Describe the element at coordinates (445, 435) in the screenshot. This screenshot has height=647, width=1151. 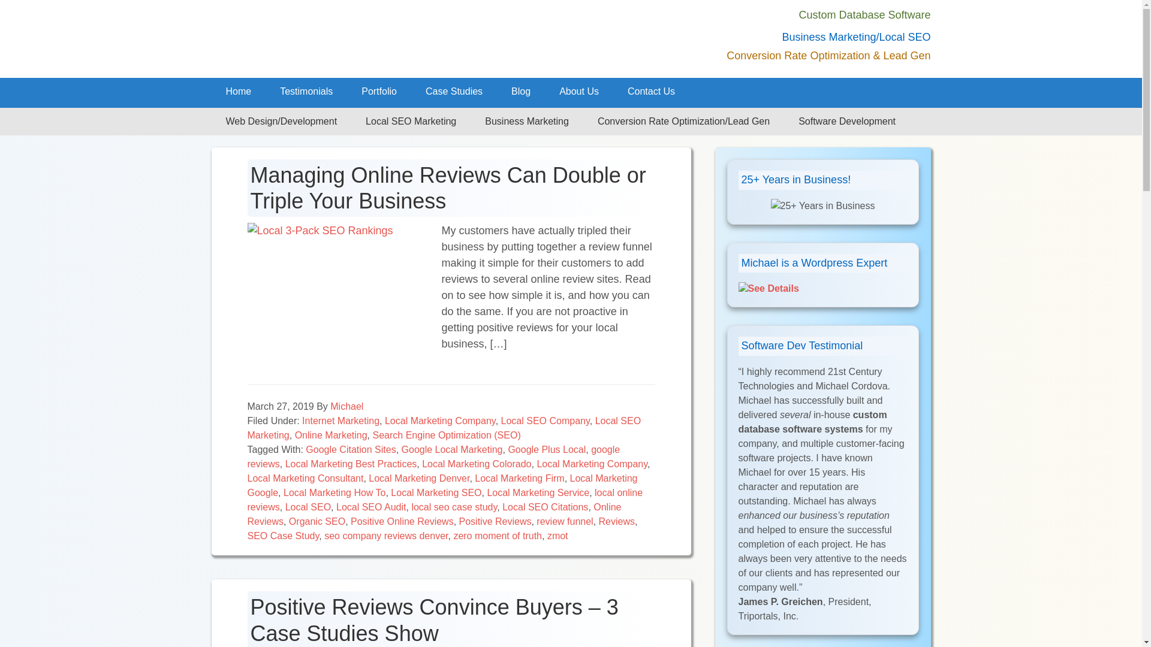
I see `'Search Engine Optimization (SEO)'` at that location.